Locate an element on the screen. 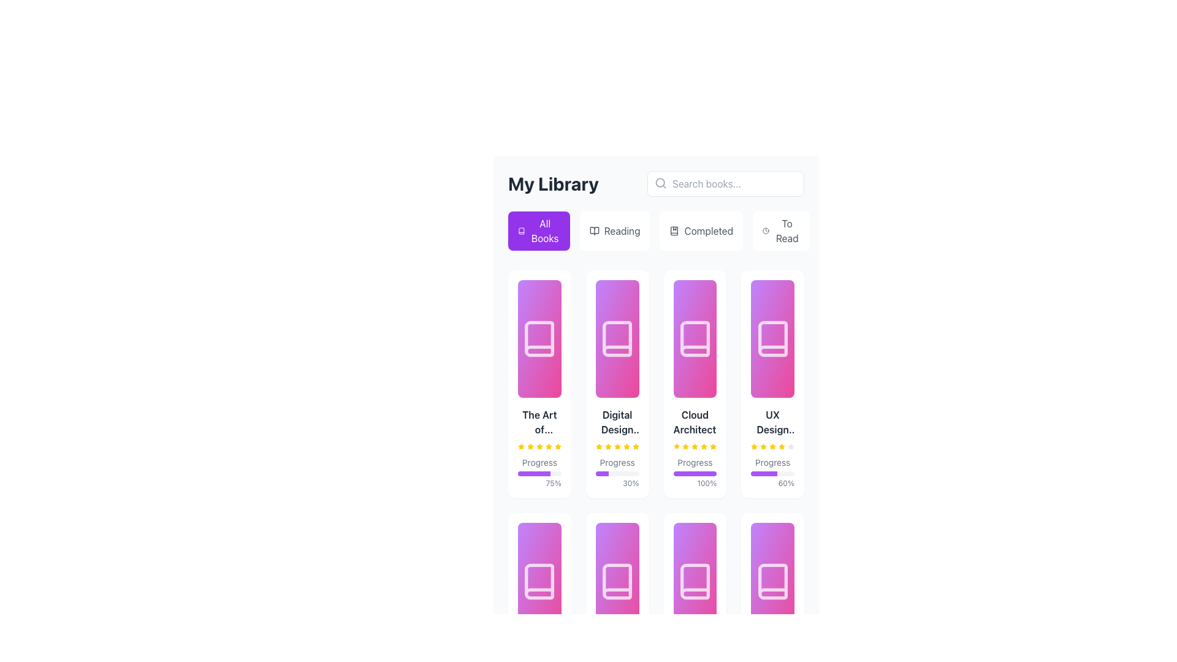 Image resolution: width=1177 pixels, height=662 pixels. the book icon located in the second row, first column of the grid layout is located at coordinates (539, 580).